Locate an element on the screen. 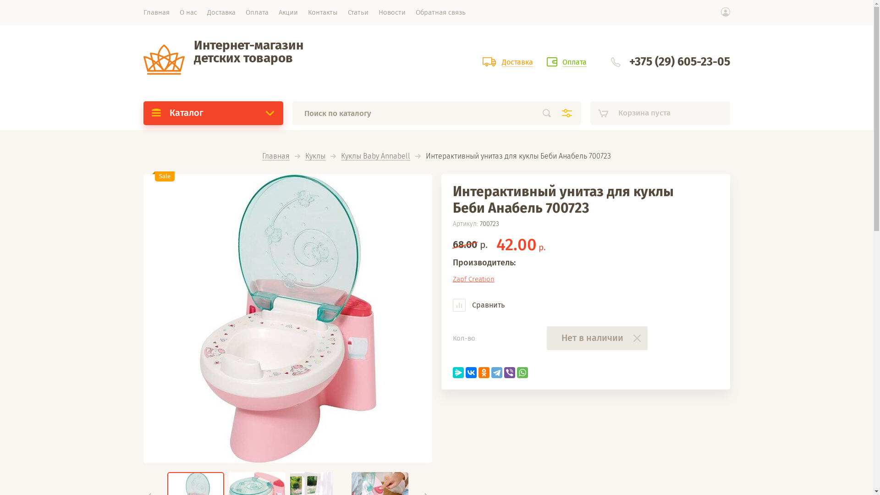 This screenshot has height=495, width=880. '+375 (29) 605-23-05' is located at coordinates (628, 62).